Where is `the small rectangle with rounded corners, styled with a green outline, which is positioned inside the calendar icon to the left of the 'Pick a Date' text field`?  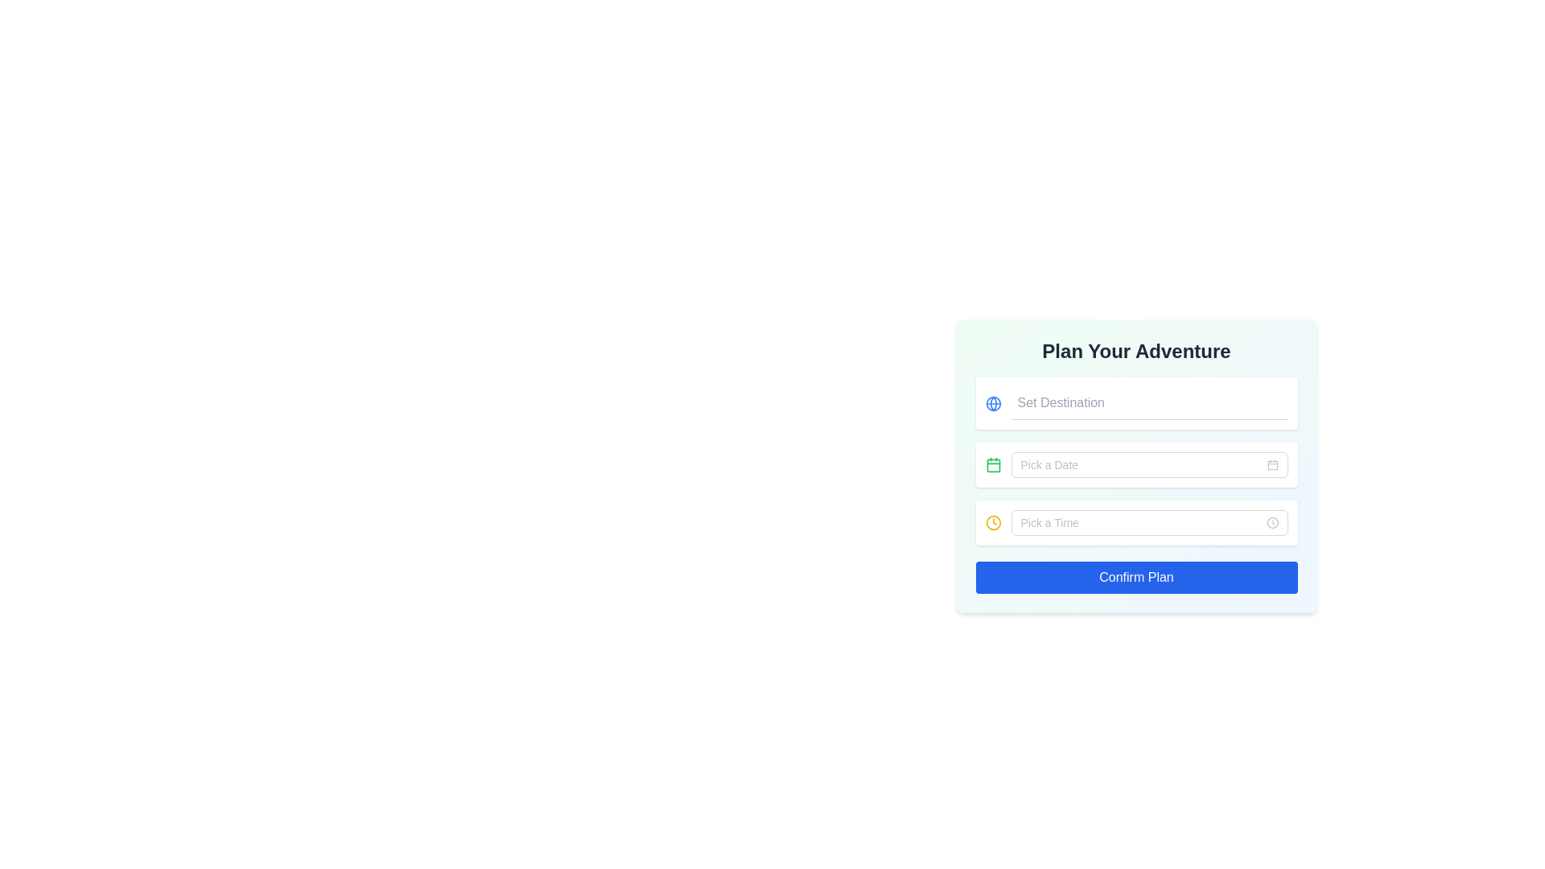 the small rectangle with rounded corners, styled with a green outline, which is positioned inside the calendar icon to the left of the 'Pick a Date' text field is located at coordinates (992, 465).